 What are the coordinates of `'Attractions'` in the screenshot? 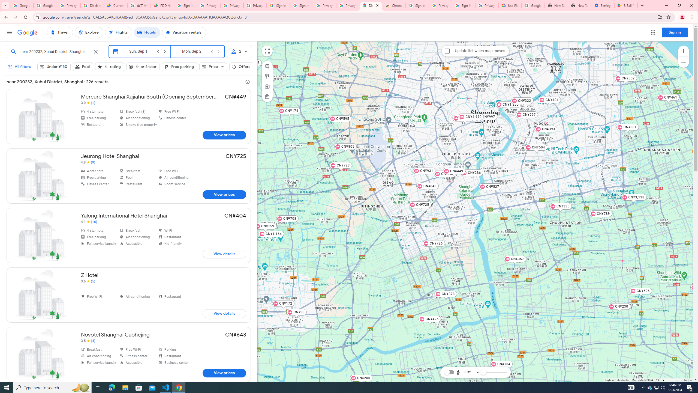 It's located at (267, 86).